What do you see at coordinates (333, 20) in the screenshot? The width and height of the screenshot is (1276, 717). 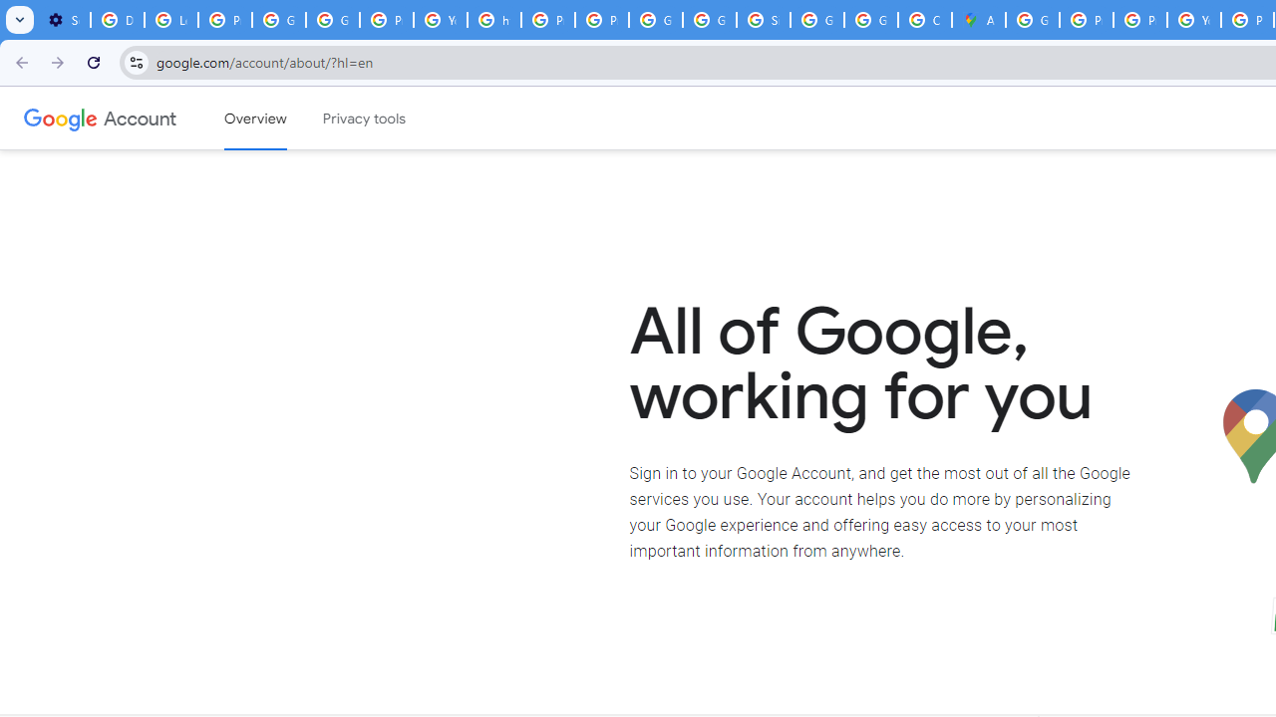 I see `'Google Account Help'` at bounding box center [333, 20].